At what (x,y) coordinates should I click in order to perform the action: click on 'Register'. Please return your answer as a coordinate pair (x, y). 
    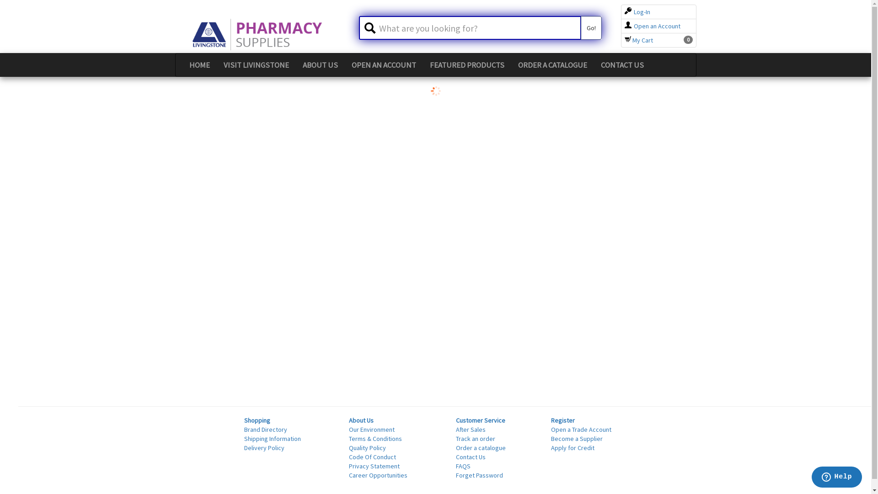
    Looking at the image, I should click on (562, 420).